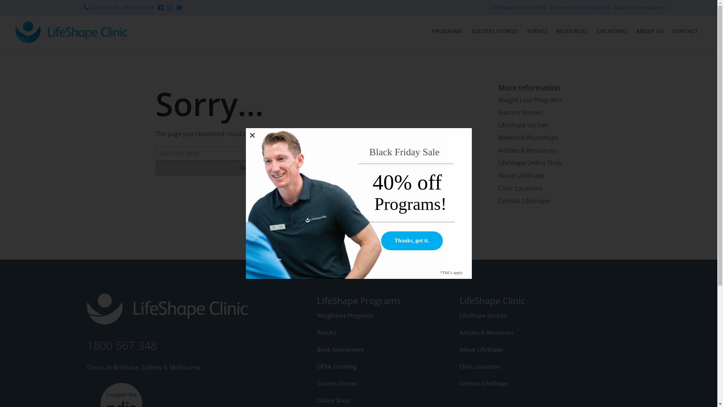 This screenshot has width=723, height=407. Describe the element at coordinates (592, 31) in the screenshot. I see `'LOCATIONS'` at that location.